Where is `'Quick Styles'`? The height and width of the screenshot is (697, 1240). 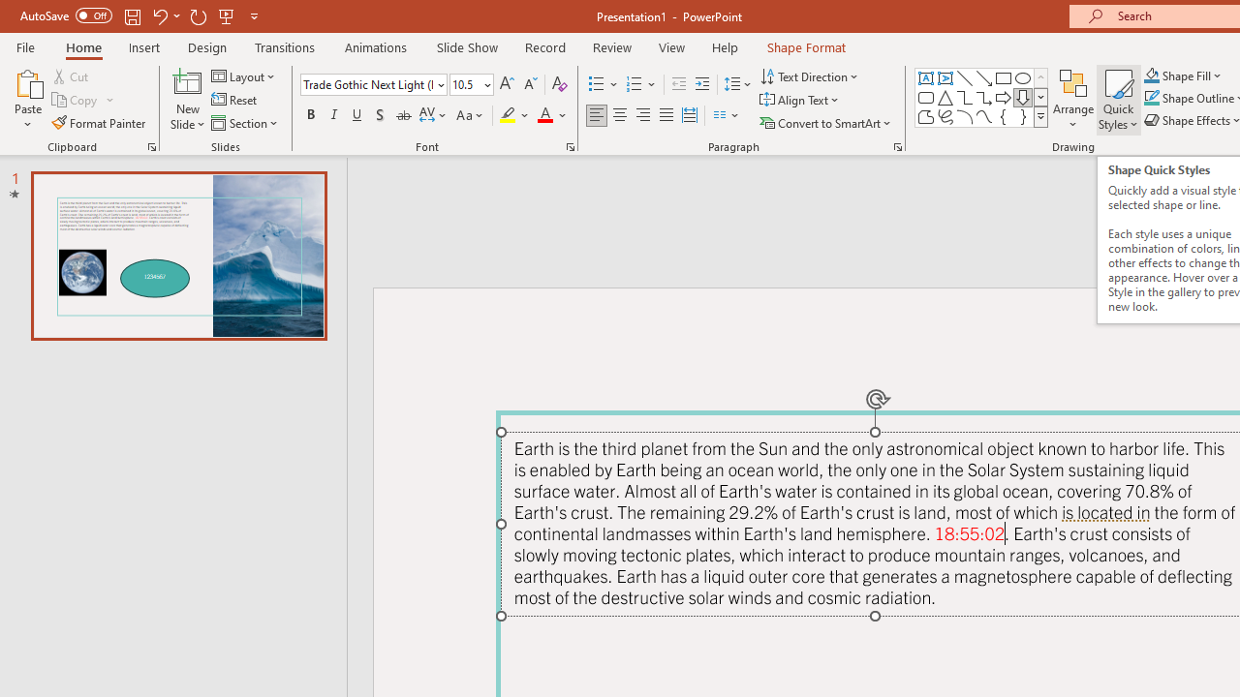
'Quick Styles' is located at coordinates (1118, 100).